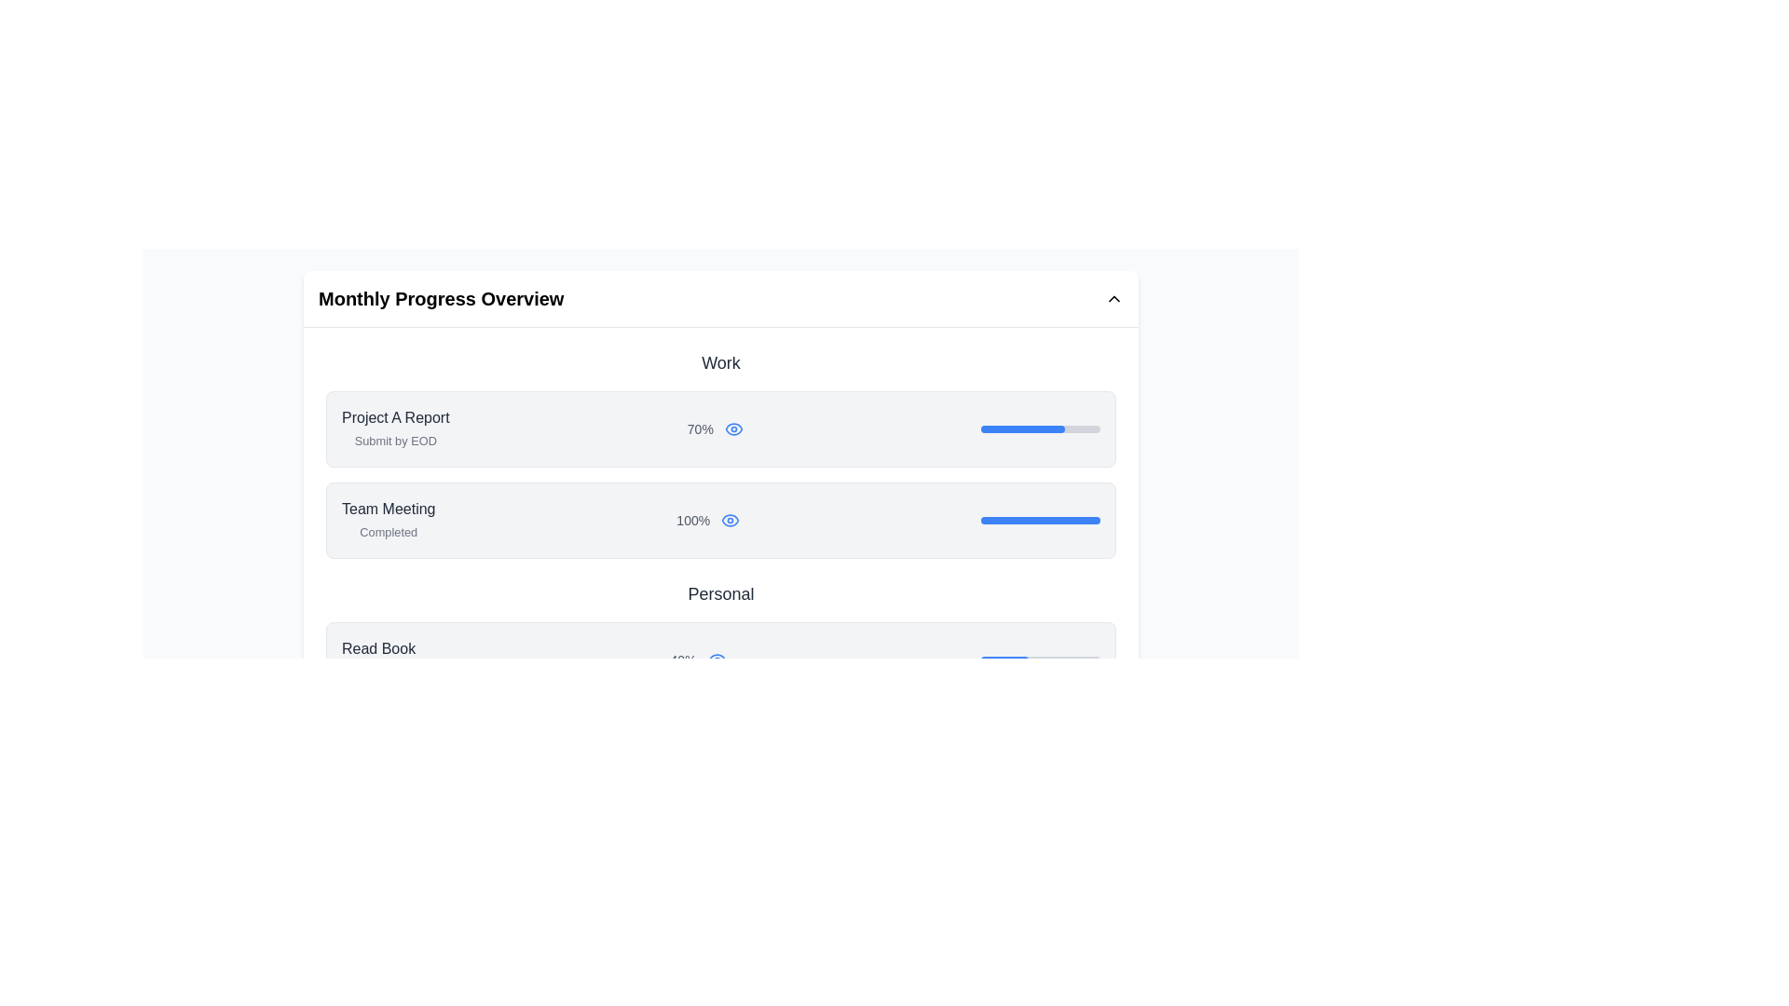 Image resolution: width=1789 pixels, height=1006 pixels. I want to click on the text label 'Project A Report' located in the 'Work' section of the task management interface, so click(394, 416).